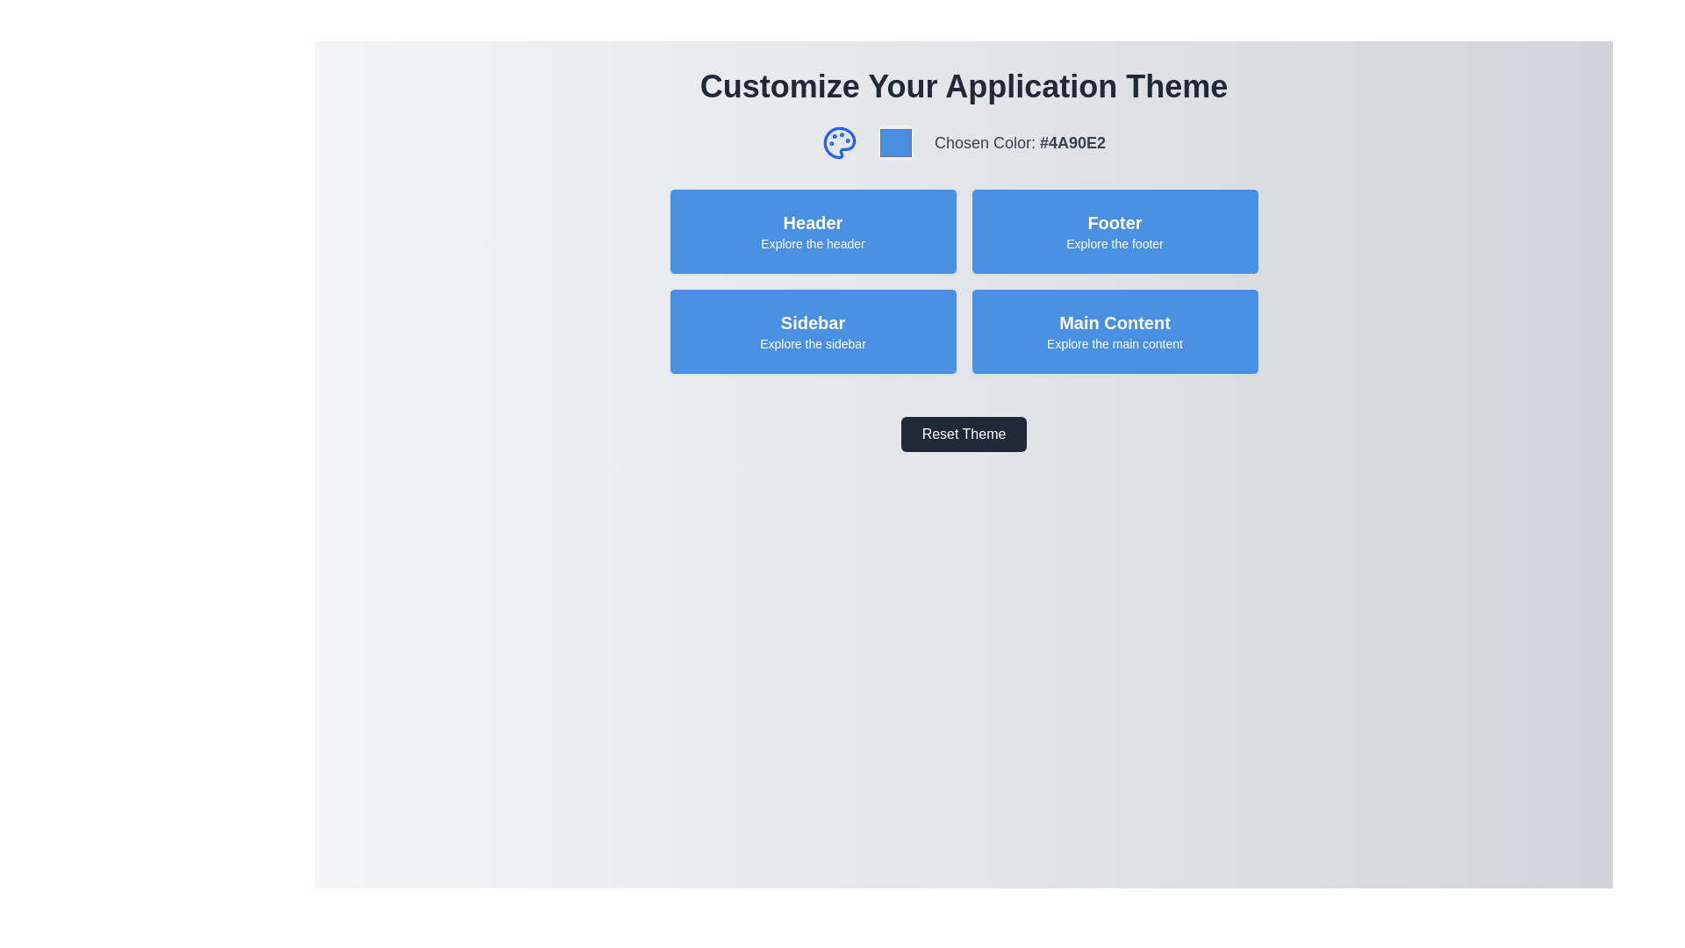 The image size is (1685, 948). What do you see at coordinates (1114, 344) in the screenshot?
I see `the static text label displaying 'Explore the main content', which is located below the 'Main Content' label in the blue rectangular section` at bounding box center [1114, 344].